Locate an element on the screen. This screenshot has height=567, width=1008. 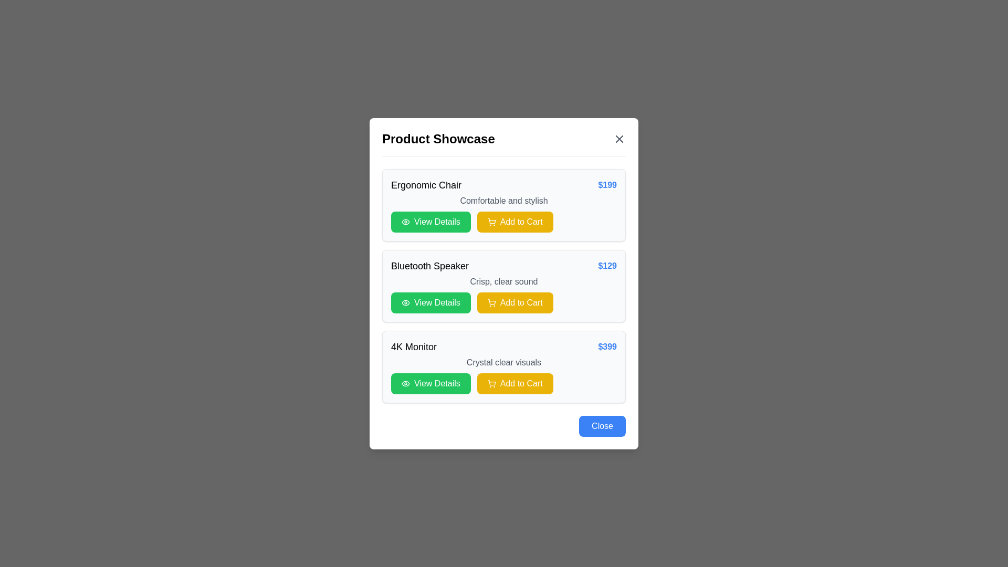
the static text price indicator for the 'Bluetooth Speaker' product, which is located towards the far right of the product row, next to the product description is located at coordinates (607, 265).